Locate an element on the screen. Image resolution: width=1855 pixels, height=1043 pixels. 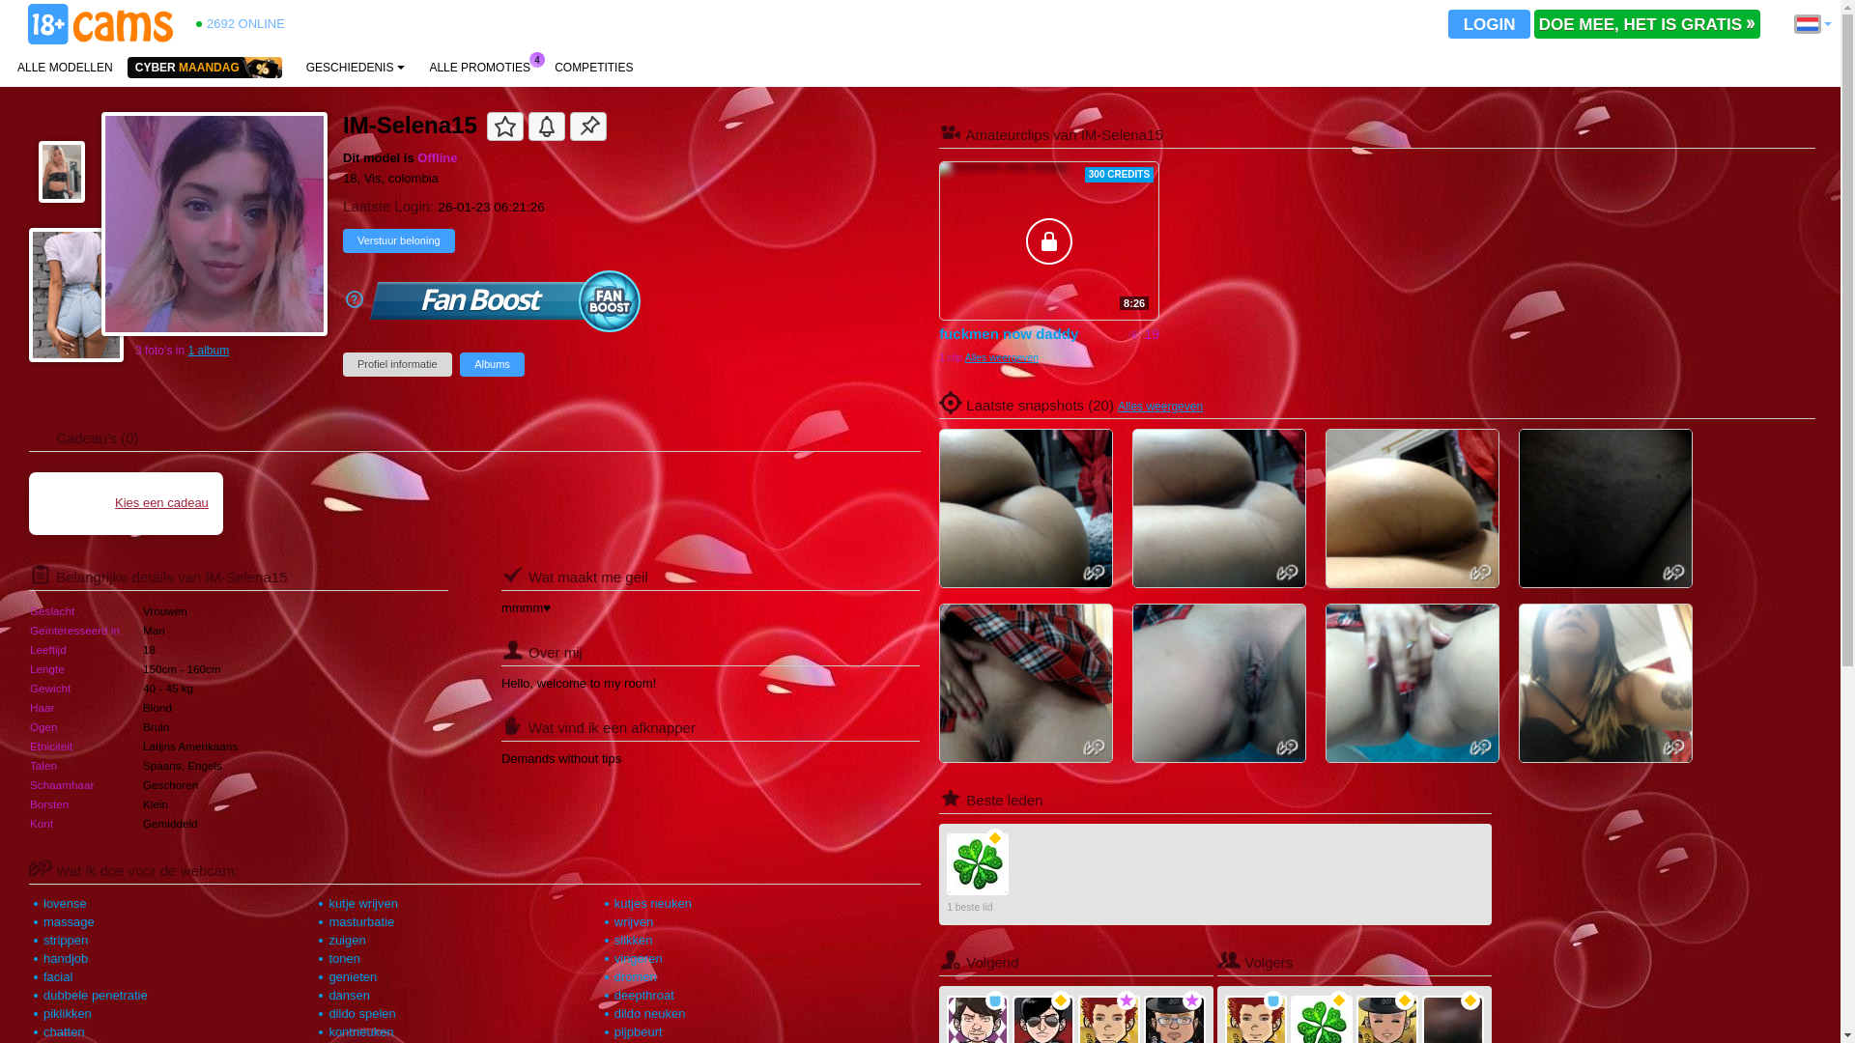
'Kies een cadeau' is located at coordinates (125, 501).